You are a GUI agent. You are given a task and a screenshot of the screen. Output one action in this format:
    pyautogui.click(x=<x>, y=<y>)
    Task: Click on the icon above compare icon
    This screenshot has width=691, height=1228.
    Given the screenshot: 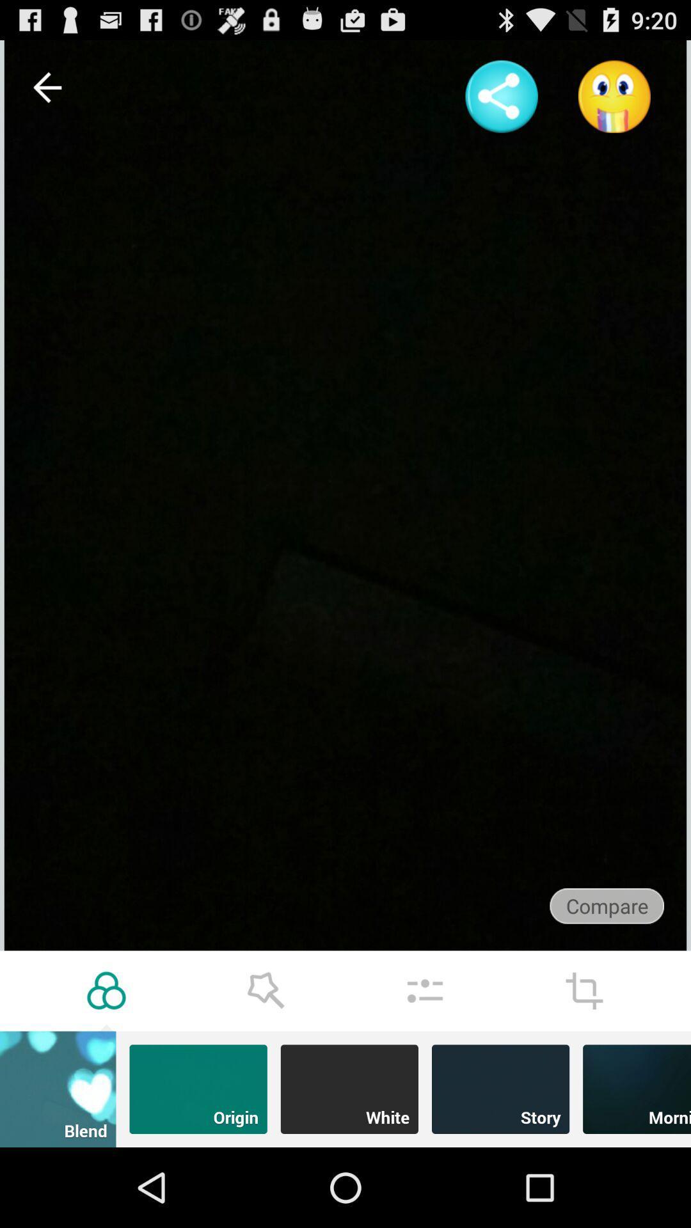 What is the action you would take?
    pyautogui.click(x=614, y=96)
    